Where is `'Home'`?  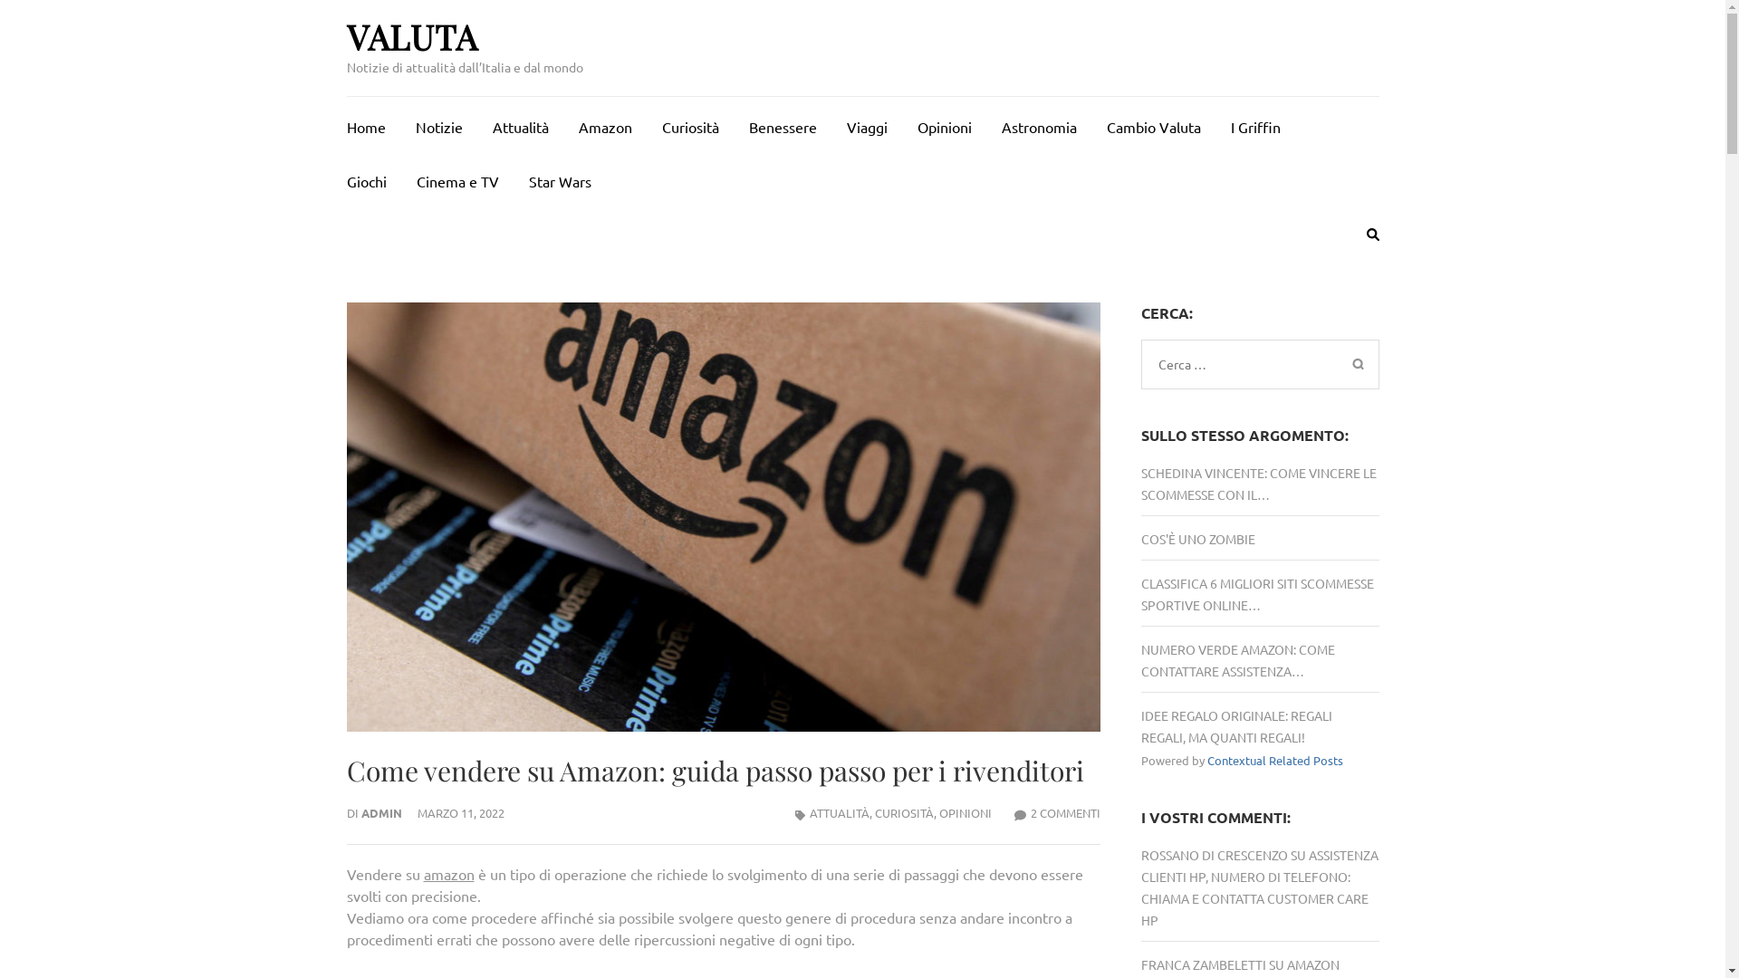 'Home' is located at coordinates (364, 123).